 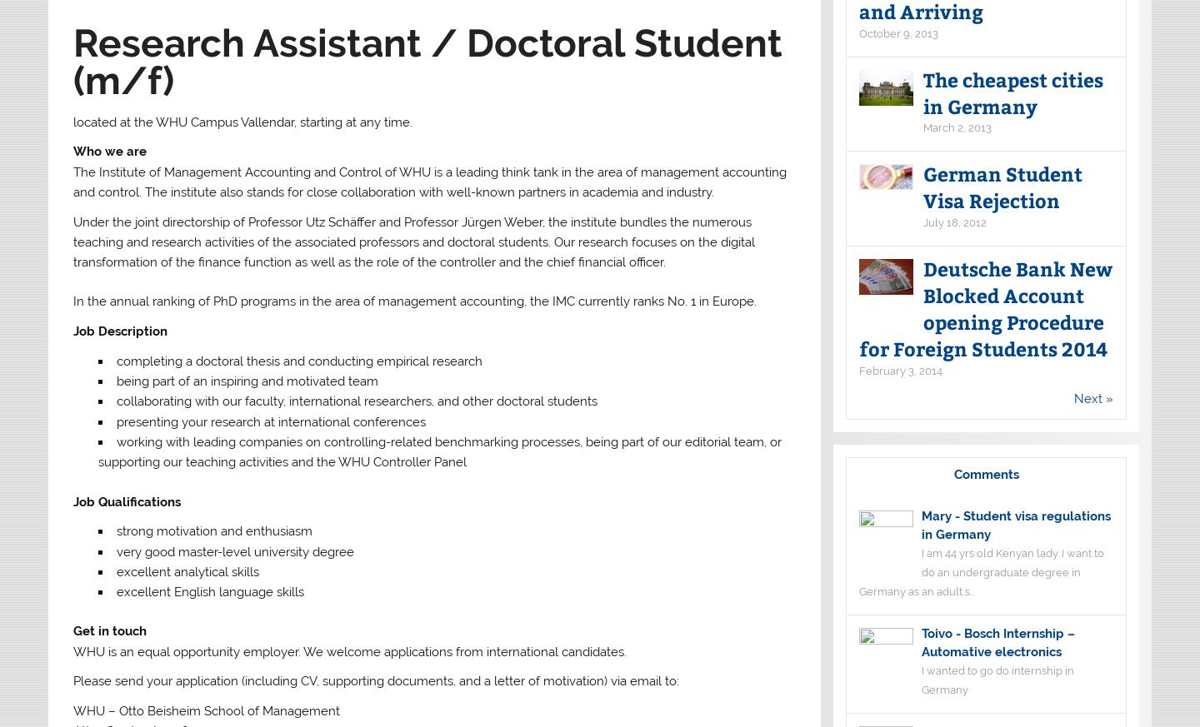 I want to click on 'Research Assistant / Doctoral Student (m/f)', so click(x=426, y=61).